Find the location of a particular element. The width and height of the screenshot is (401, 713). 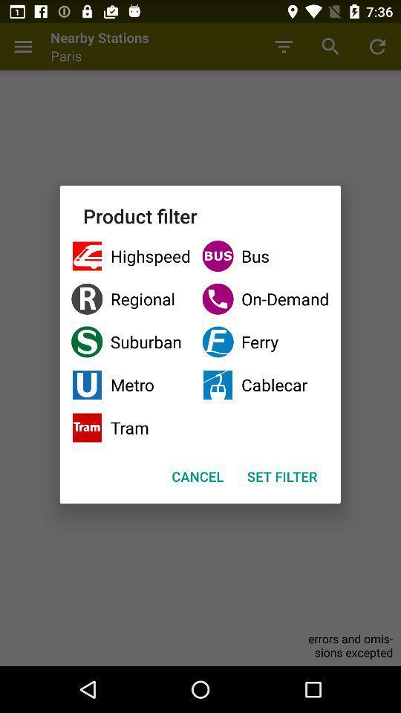

item to the right of suburban item is located at coordinates (264, 384).